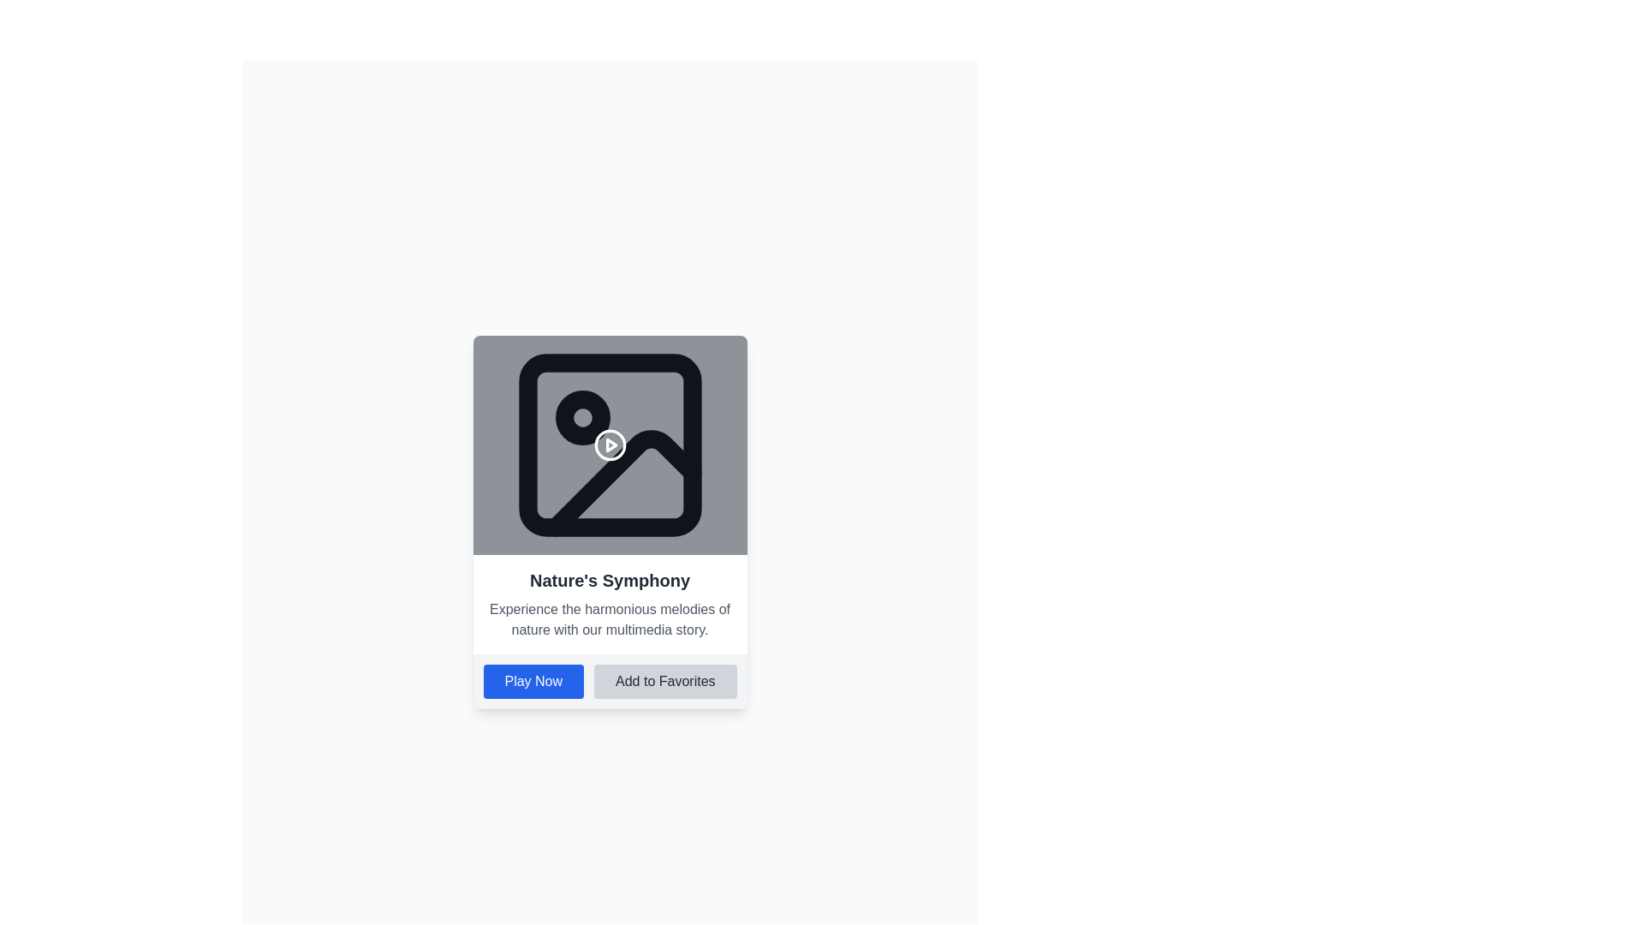  Describe the element at coordinates (610, 445) in the screenshot. I see `the first SVG rectangle element that serves as a decorative or structural part of the graphic representation within the card` at that location.